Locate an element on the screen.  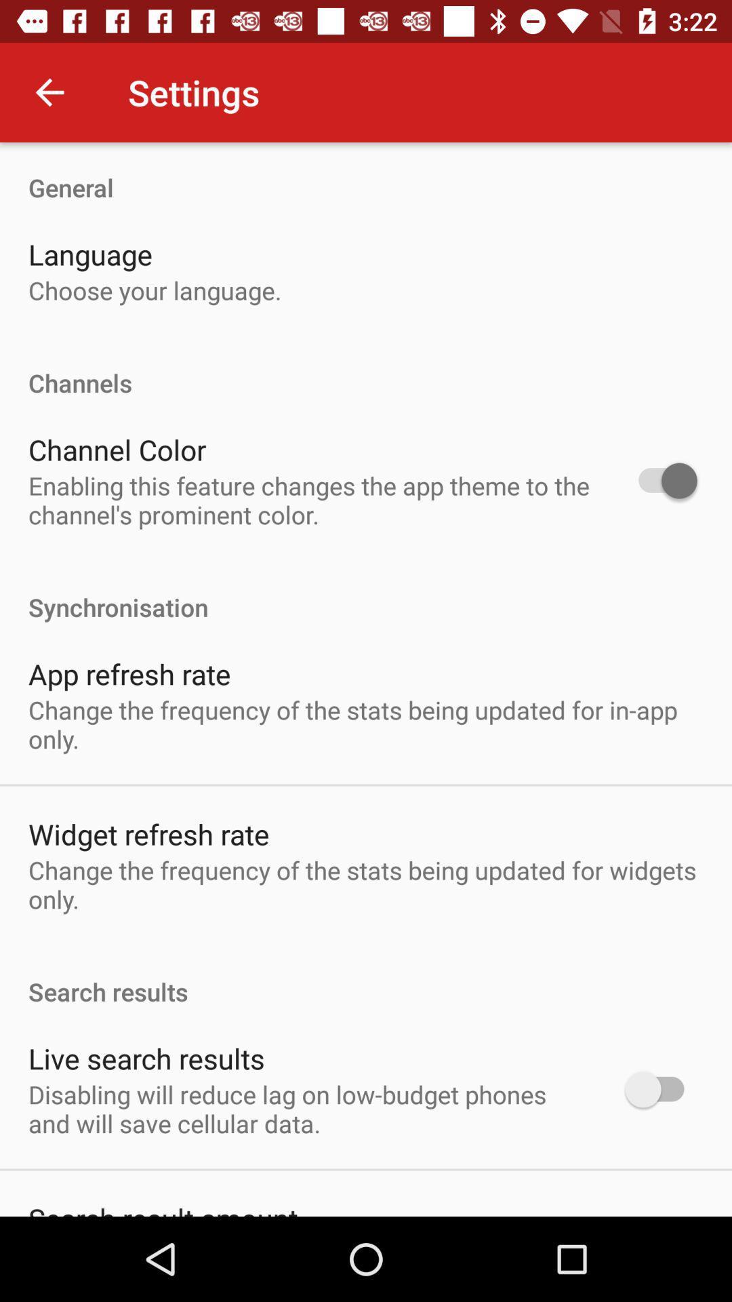
the icon below choose your language. is located at coordinates (366, 368).